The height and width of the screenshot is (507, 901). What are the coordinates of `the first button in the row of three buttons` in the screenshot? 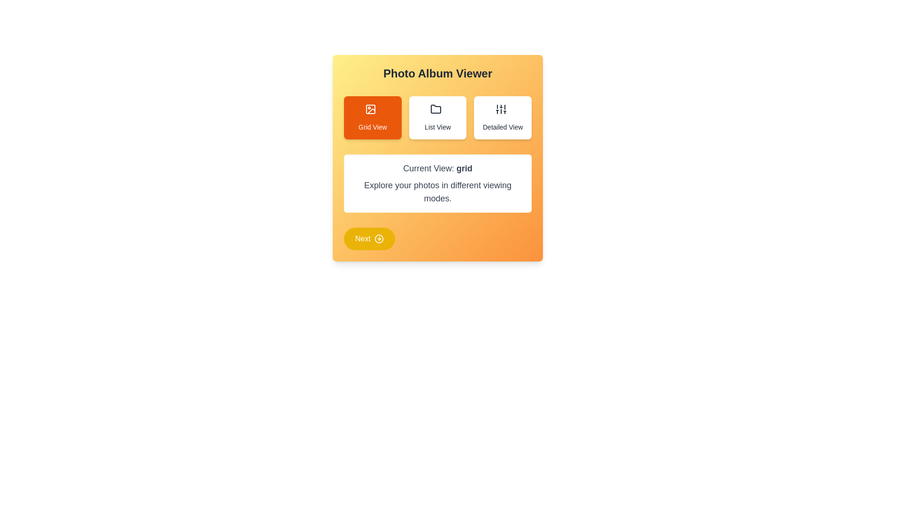 It's located at (372, 117).